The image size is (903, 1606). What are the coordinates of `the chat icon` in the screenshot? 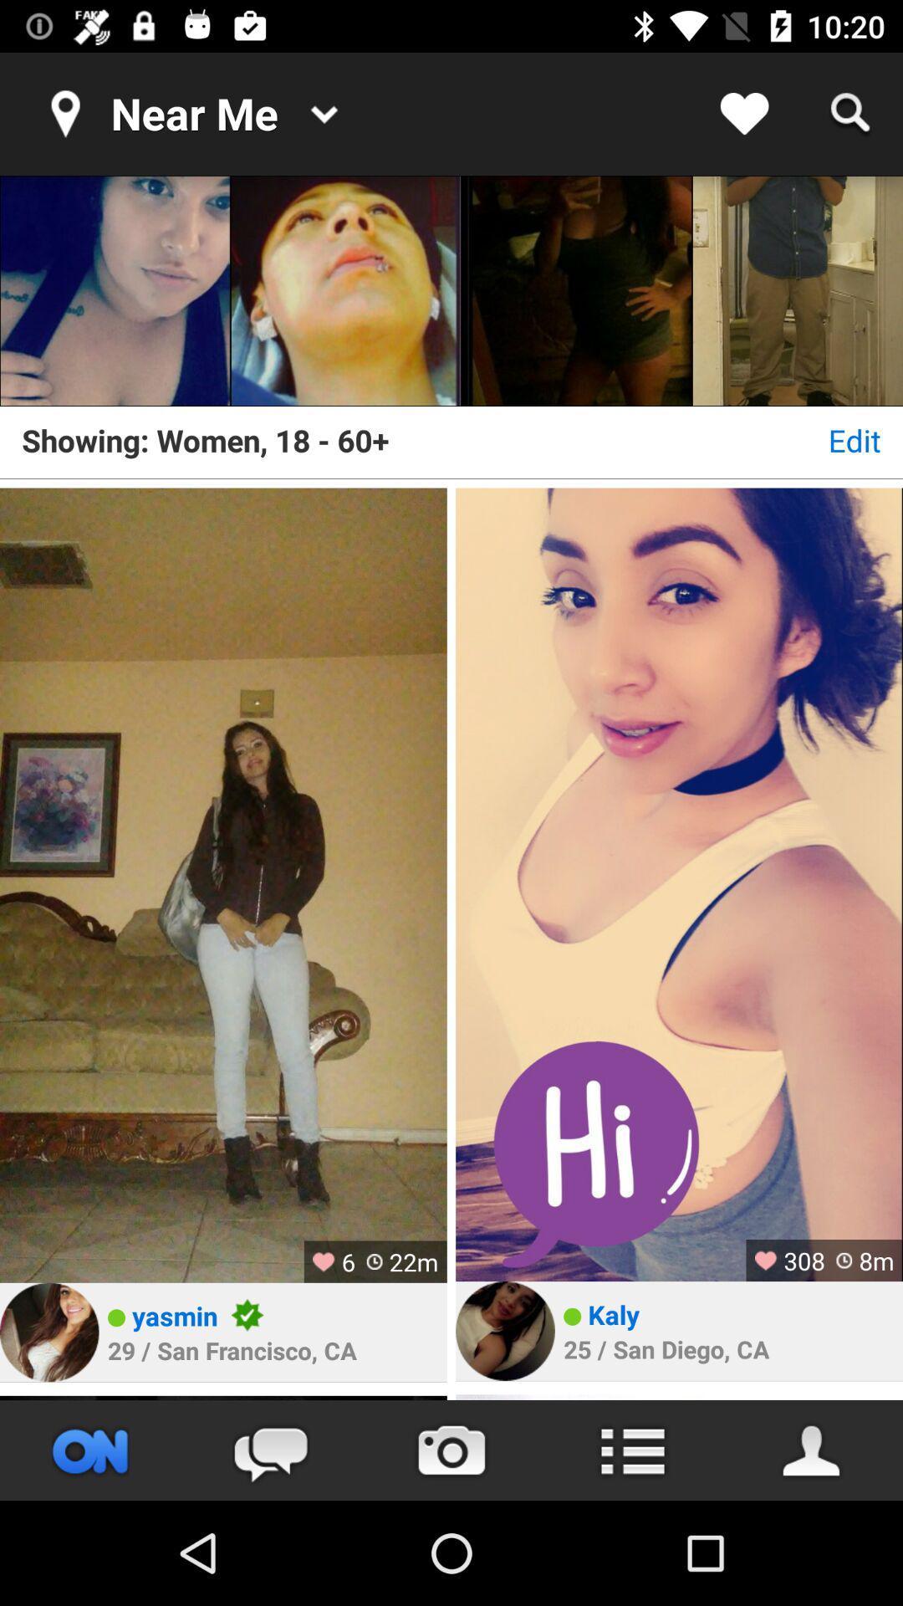 It's located at (270, 1450).